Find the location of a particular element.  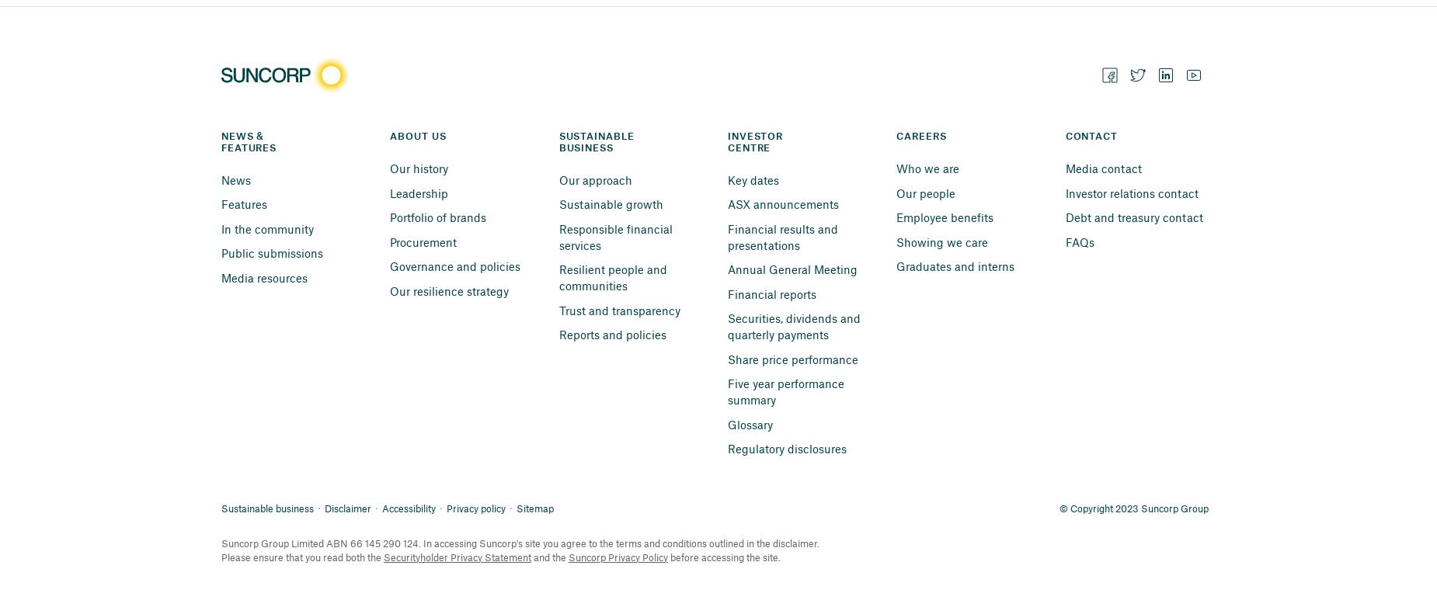

'Our history' is located at coordinates (419, 168).